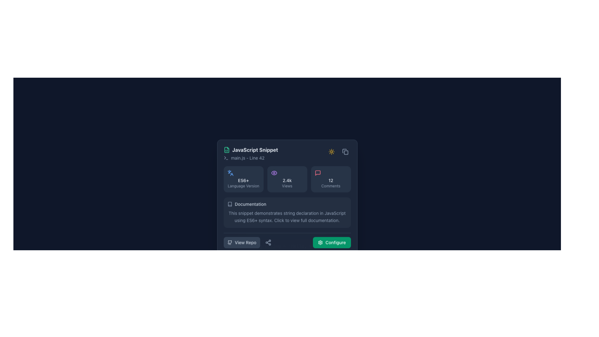 The height and width of the screenshot is (337, 599). What do you see at coordinates (320, 242) in the screenshot?
I see `the settings icon located at the top-right corner of the card or modal interface` at bounding box center [320, 242].